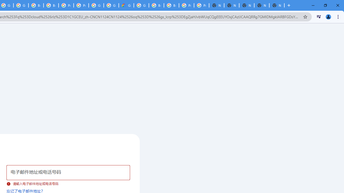 This screenshot has height=193, width=344. What do you see at coordinates (277, 5) in the screenshot?
I see `'New Tab'` at bounding box center [277, 5].